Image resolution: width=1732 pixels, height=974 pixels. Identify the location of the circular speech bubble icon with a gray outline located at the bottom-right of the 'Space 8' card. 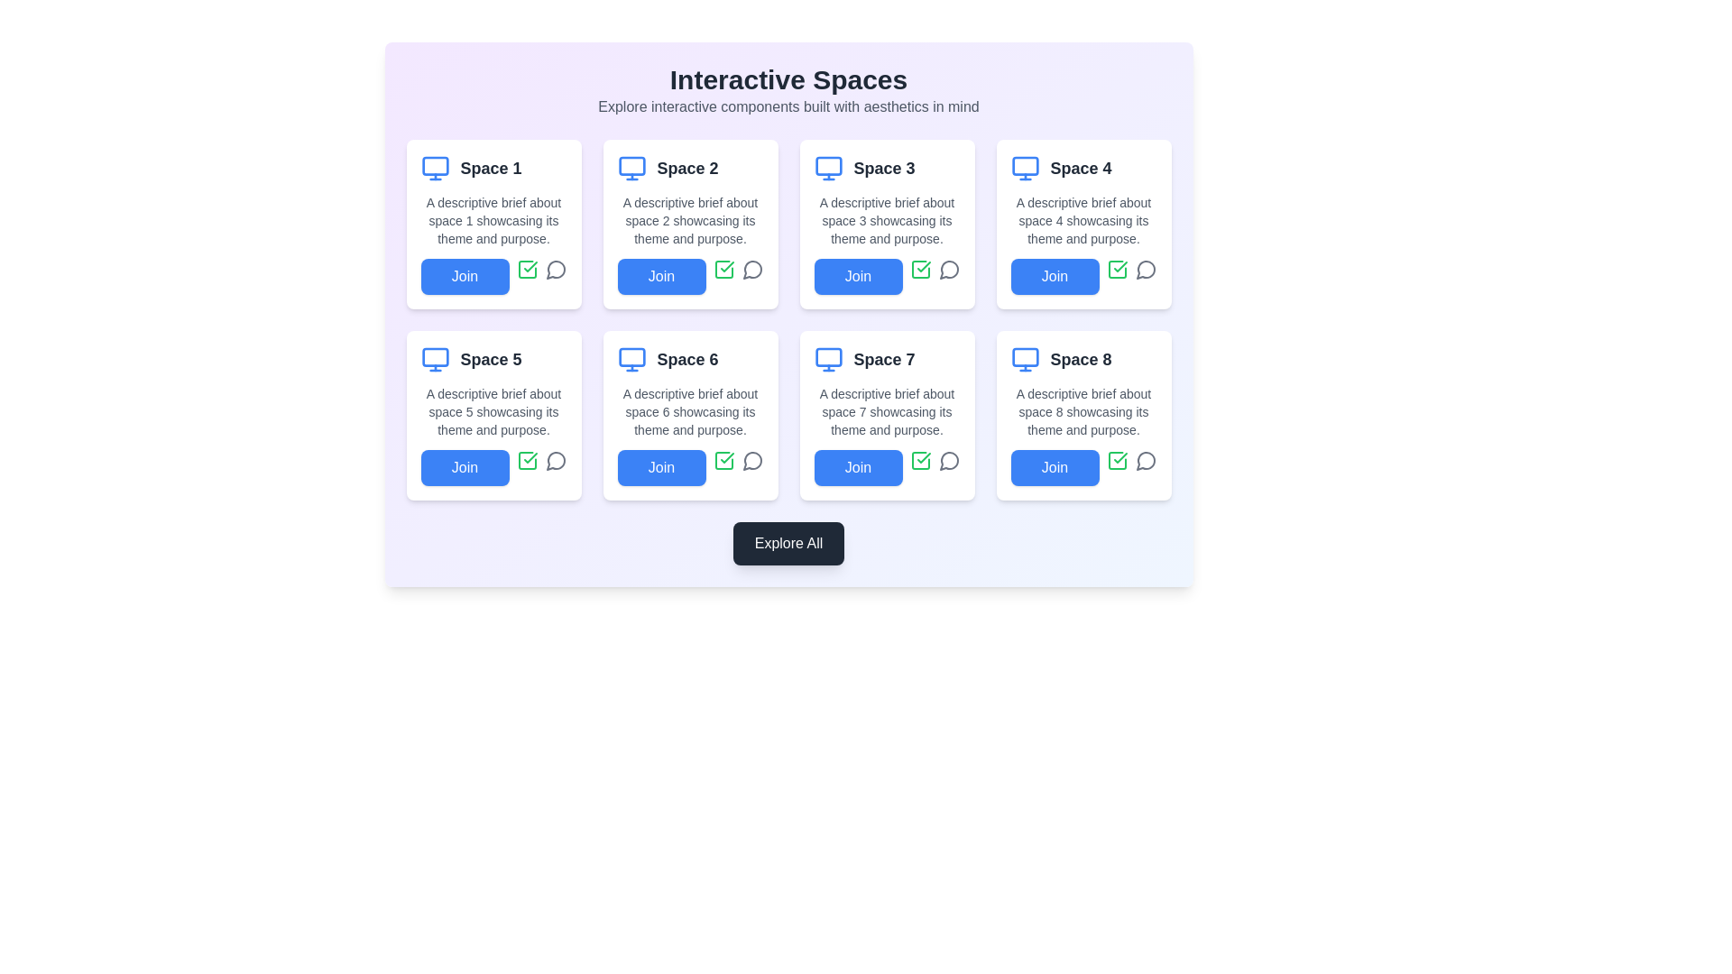
(1145, 459).